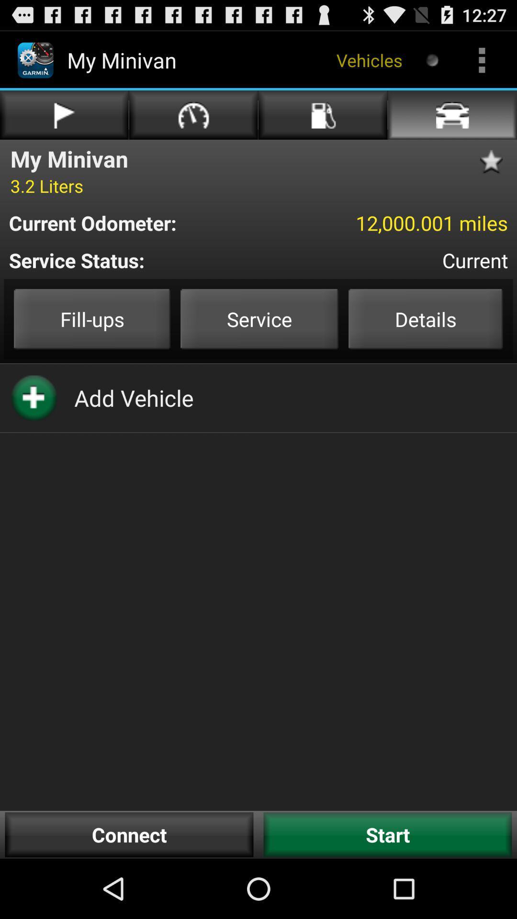 This screenshot has height=919, width=517. Describe the element at coordinates (134, 398) in the screenshot. I see `the item below the fill-ups` at that location.